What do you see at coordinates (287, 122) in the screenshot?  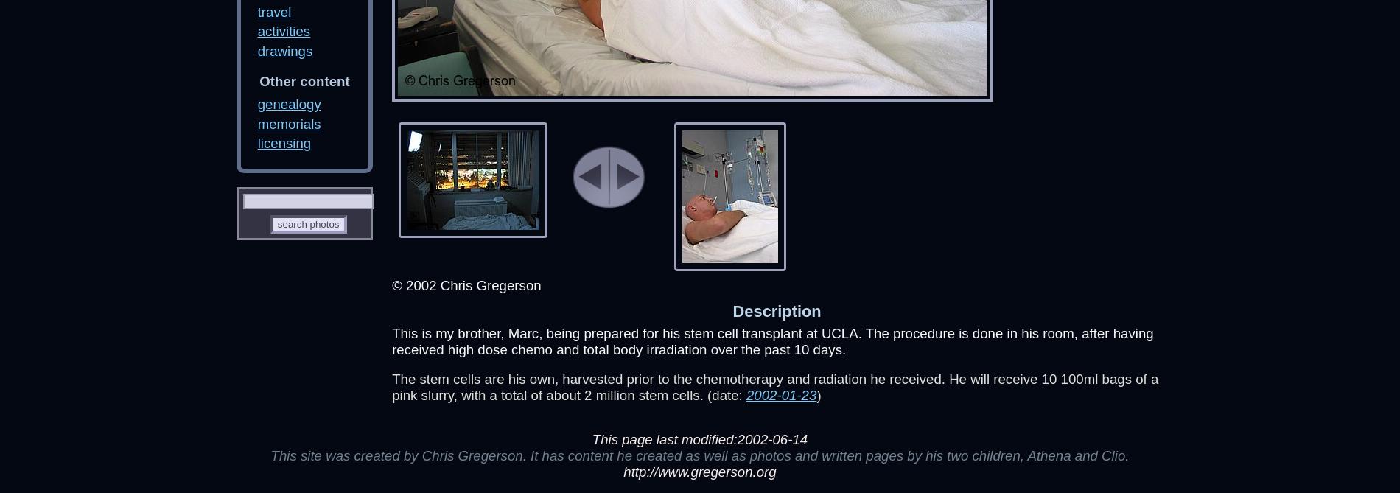 I see `'memorials'` at bounding box center [287, 122].